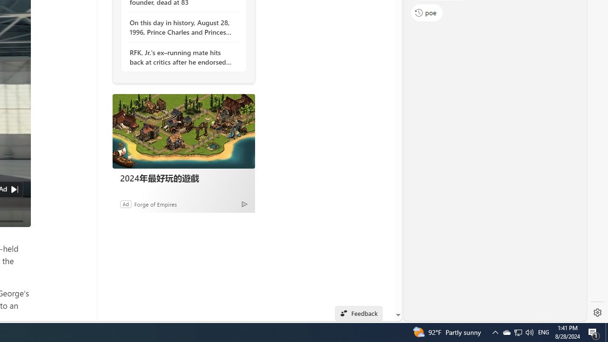 This screenshot has width=608, height=342. I want to click on 'Settings', so click(597, 313).